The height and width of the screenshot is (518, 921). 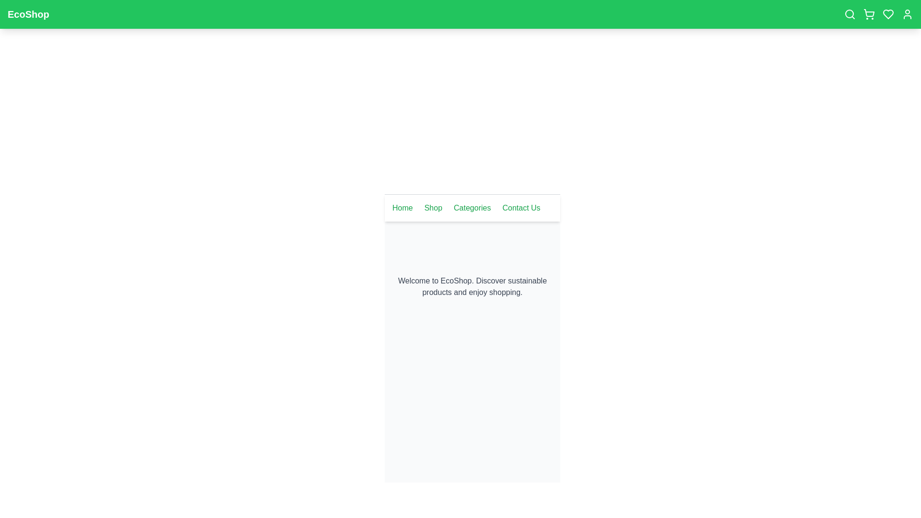 What do you see at coordinates (402, 208) in the screenshot?
I see `the 'Home' link in the navigation bar` at bounding box center [402, 208].